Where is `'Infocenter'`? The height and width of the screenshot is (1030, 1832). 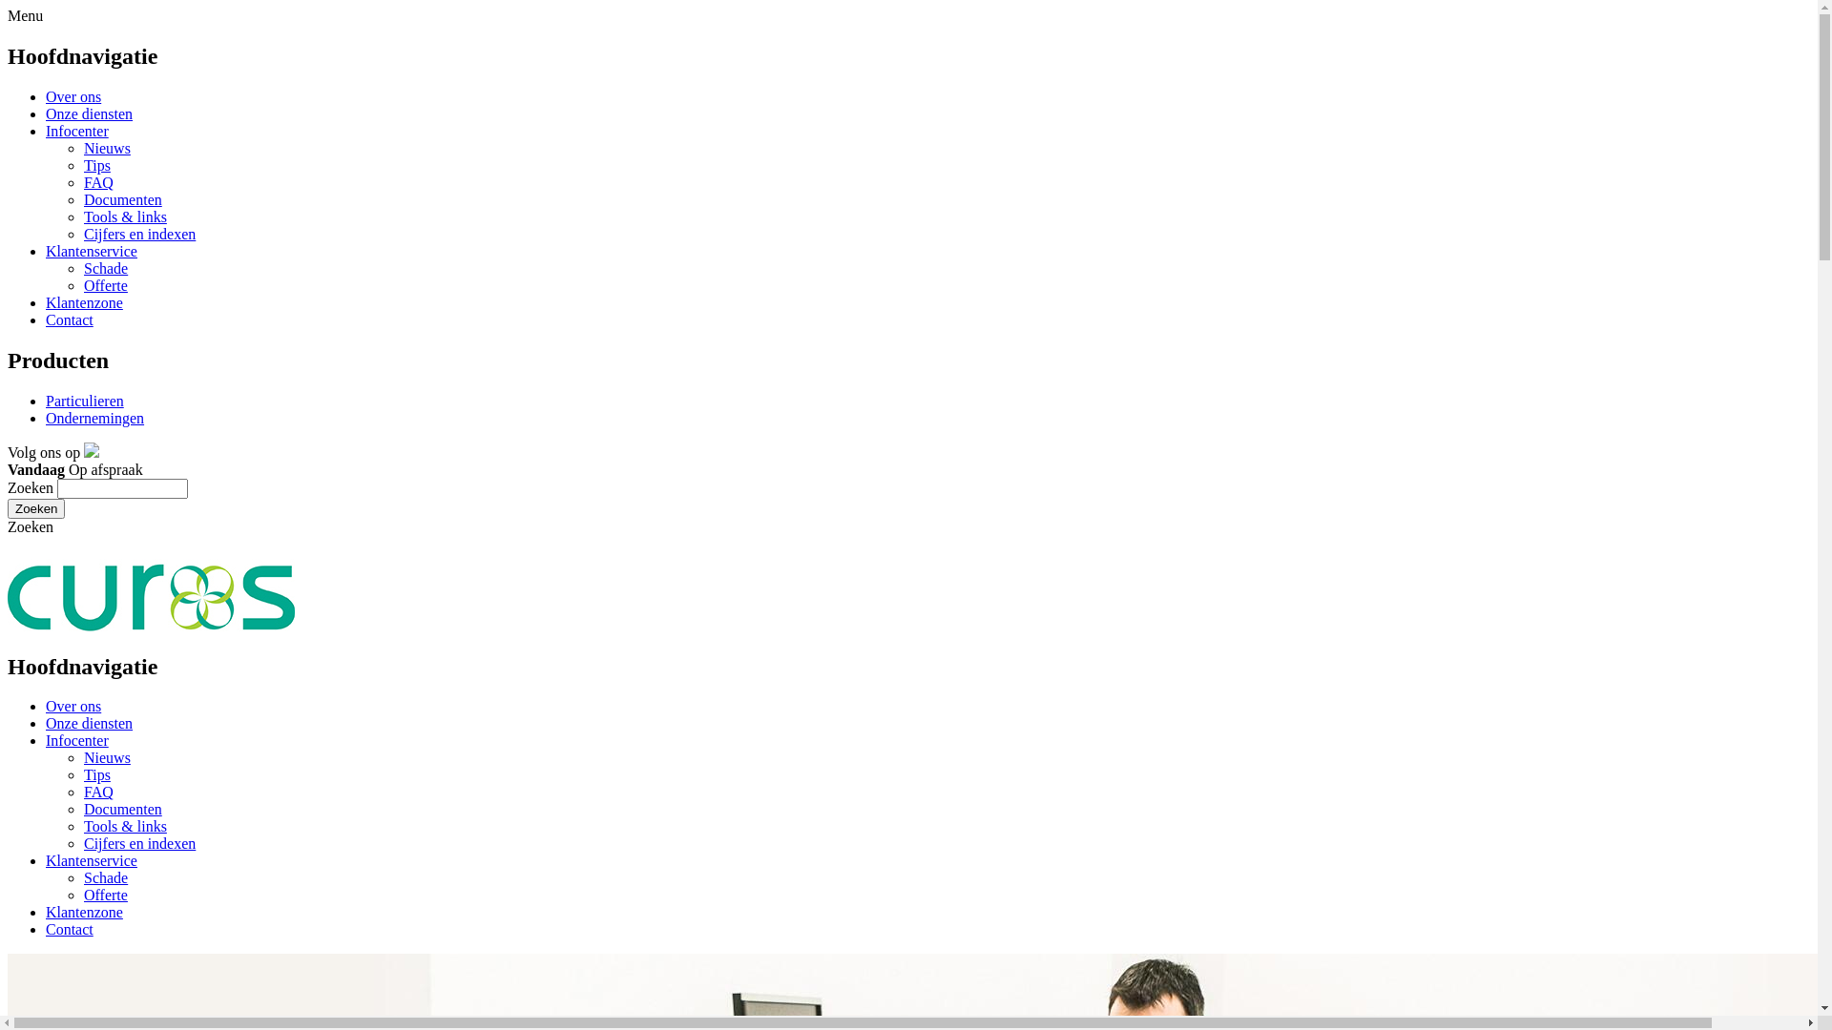 'Infocenter' is located at coordinates (76, 130).